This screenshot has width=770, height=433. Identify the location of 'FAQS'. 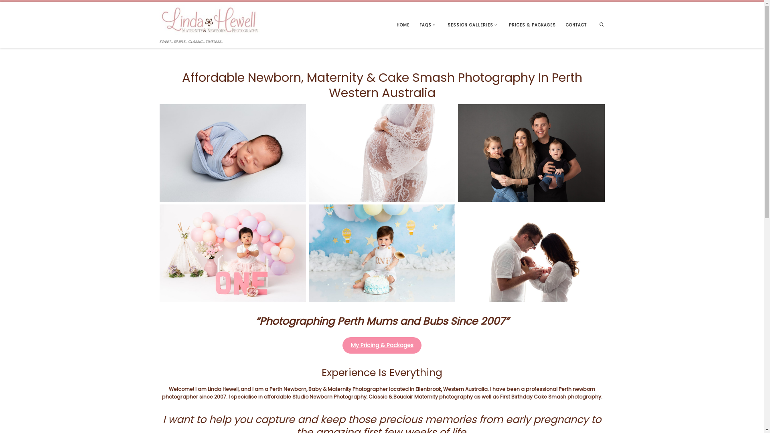
(428, 24).